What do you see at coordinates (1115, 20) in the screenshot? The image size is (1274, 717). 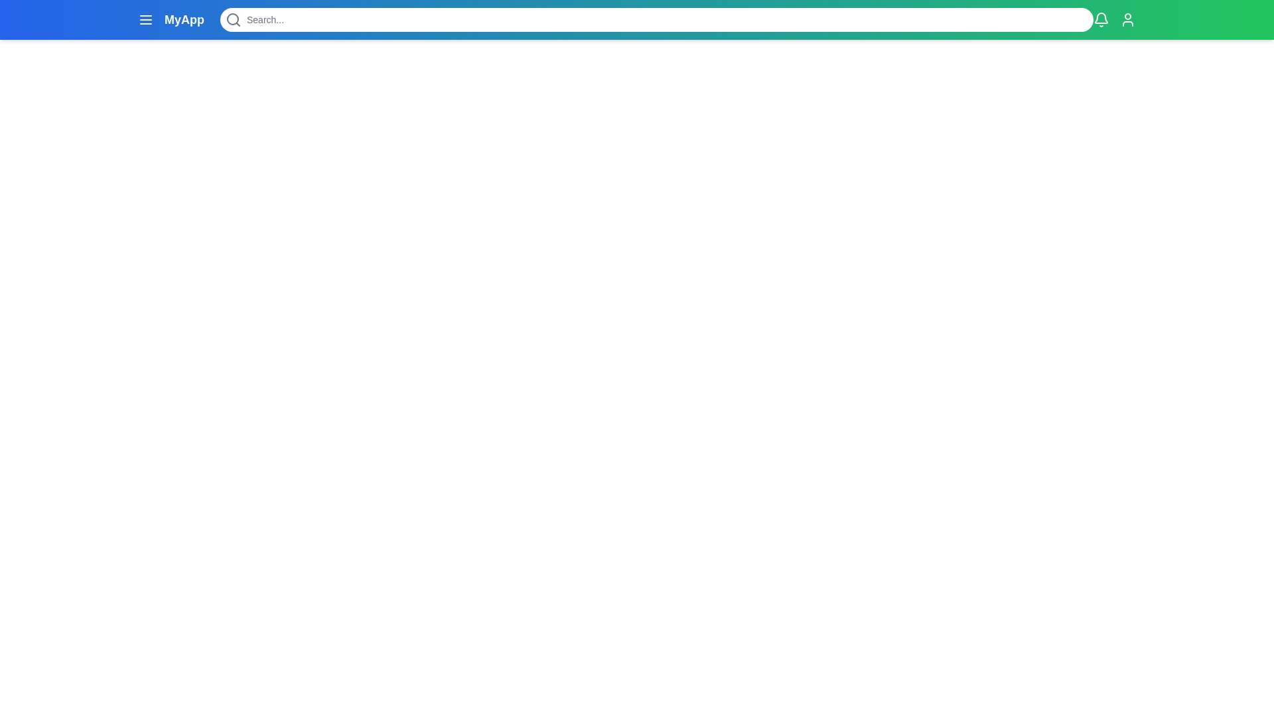 I see `the group of icons consisting of a bell for notifications and a user silhouette for profile settings, located at the extreme right end of the top navigation bar` at bounding box center [1115, 20].